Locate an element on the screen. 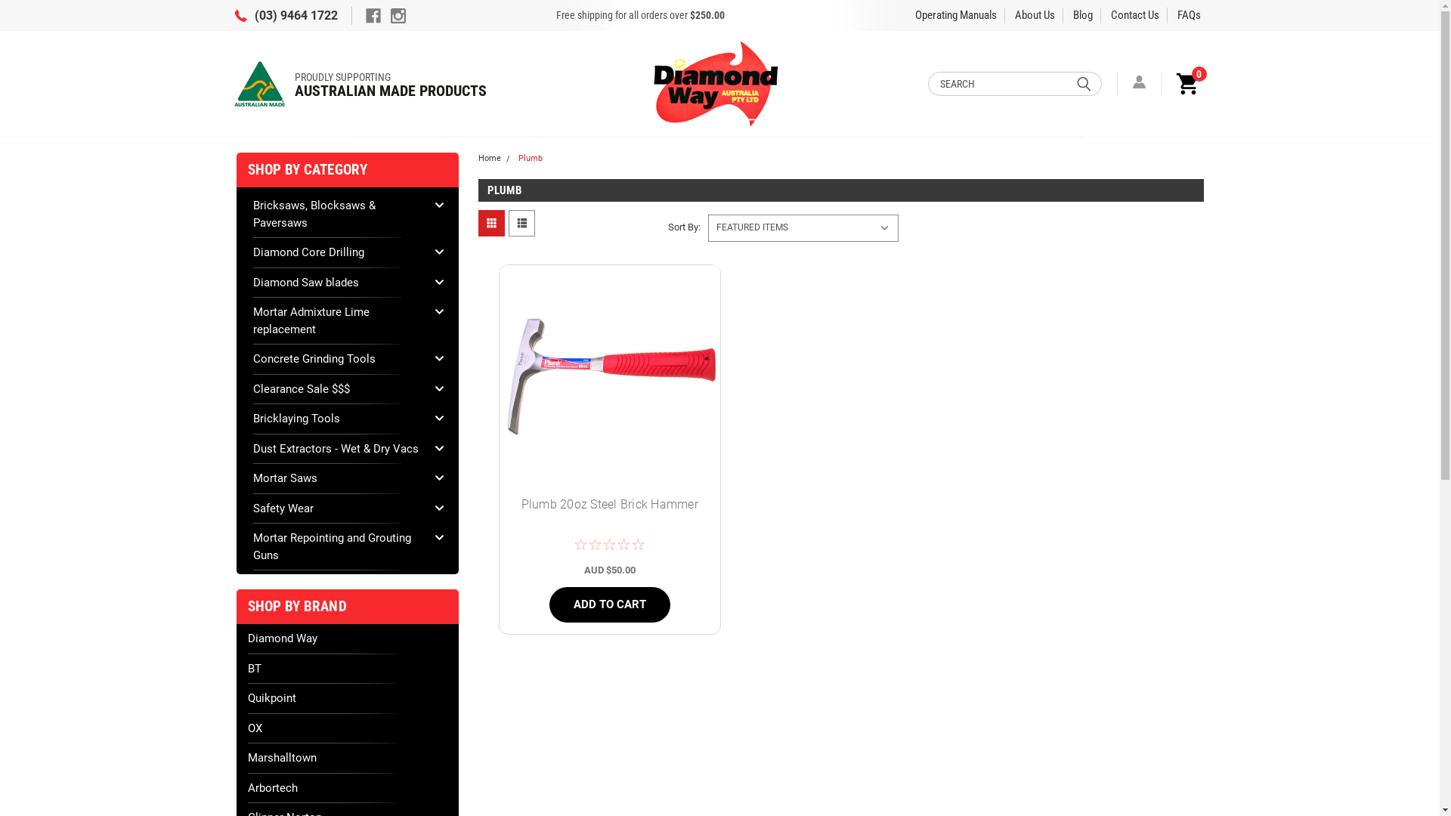 Image resolution: width=1451 pixels, height=816 pixels. 'Diamond Saw blades' is located at coordinates (252, 282).